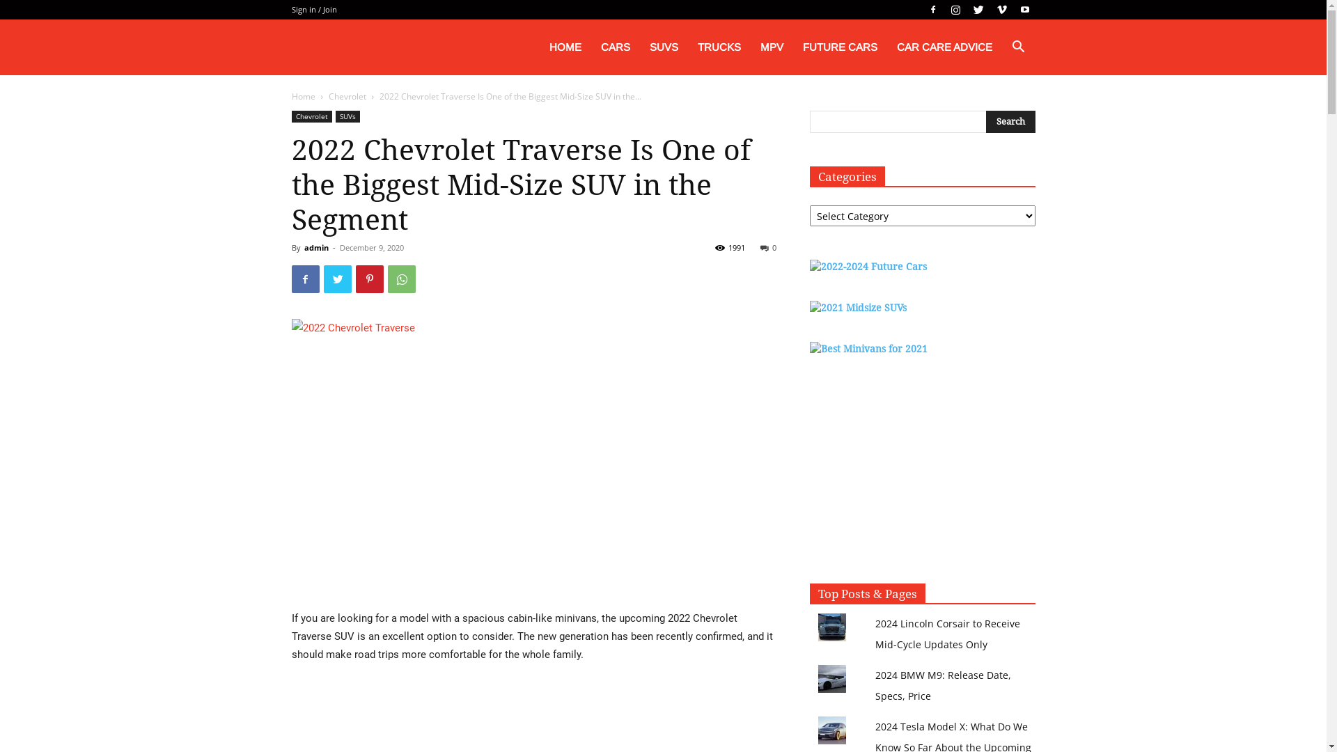 This screenshot has width=1337, height=752. What do you see at coordinates (771, 47) in the screenshot?
I see `'MPV'` at bounding box center [771, 47].